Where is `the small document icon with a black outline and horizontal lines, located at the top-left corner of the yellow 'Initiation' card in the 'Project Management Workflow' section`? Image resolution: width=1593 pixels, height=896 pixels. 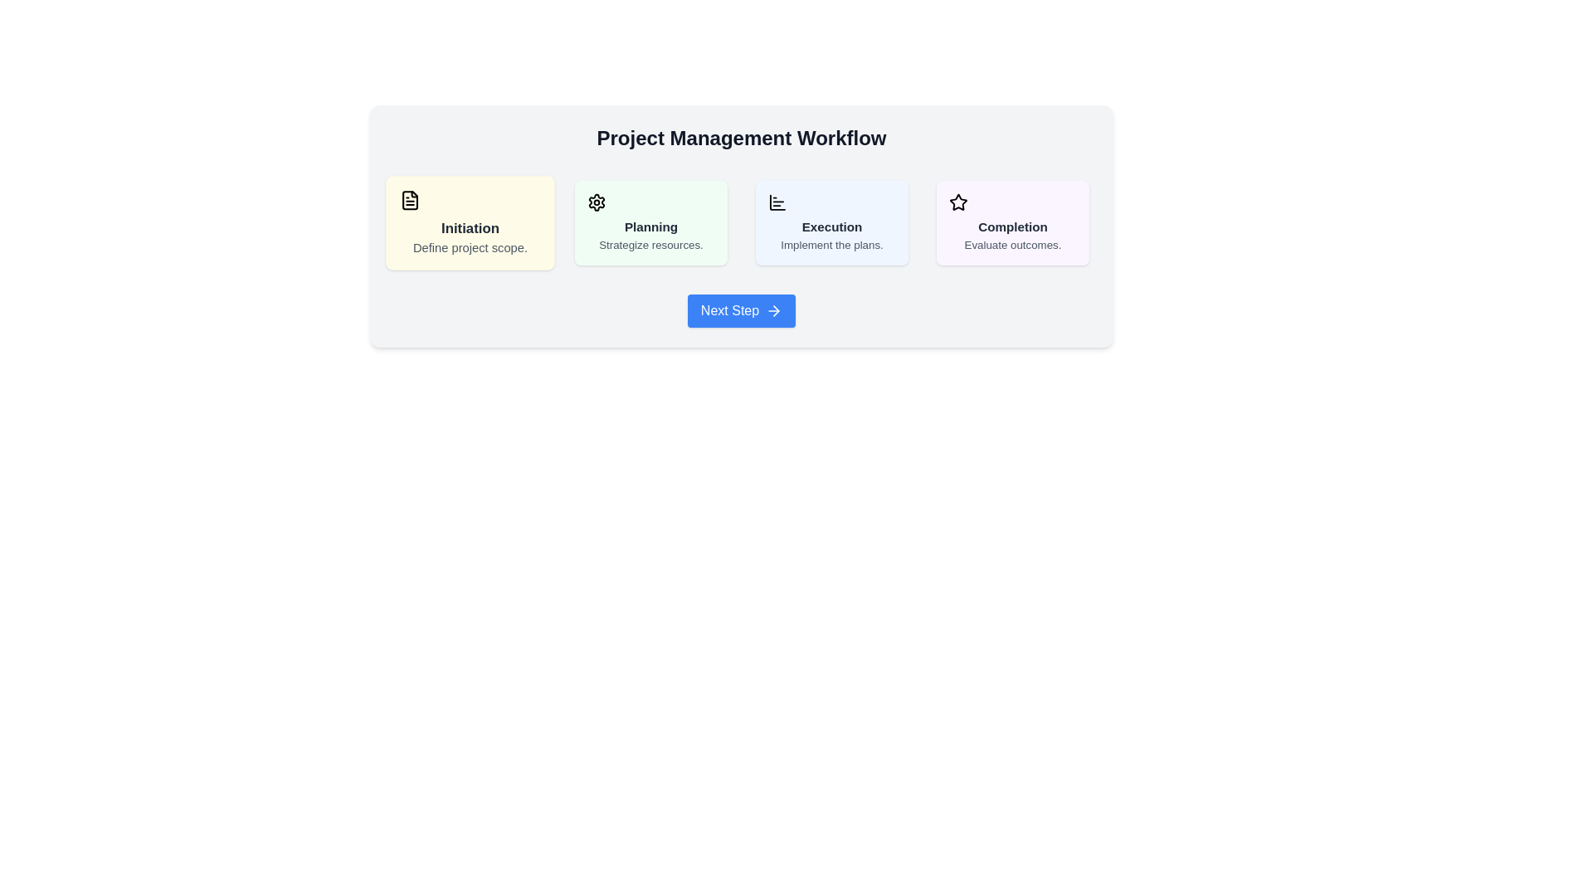
the small document icon with a black outline and horizontal lines, located at the top-left corner of the yellow 'Initiation' card in the 'Project Management Workflow' section is located at coordinates (410, 199).